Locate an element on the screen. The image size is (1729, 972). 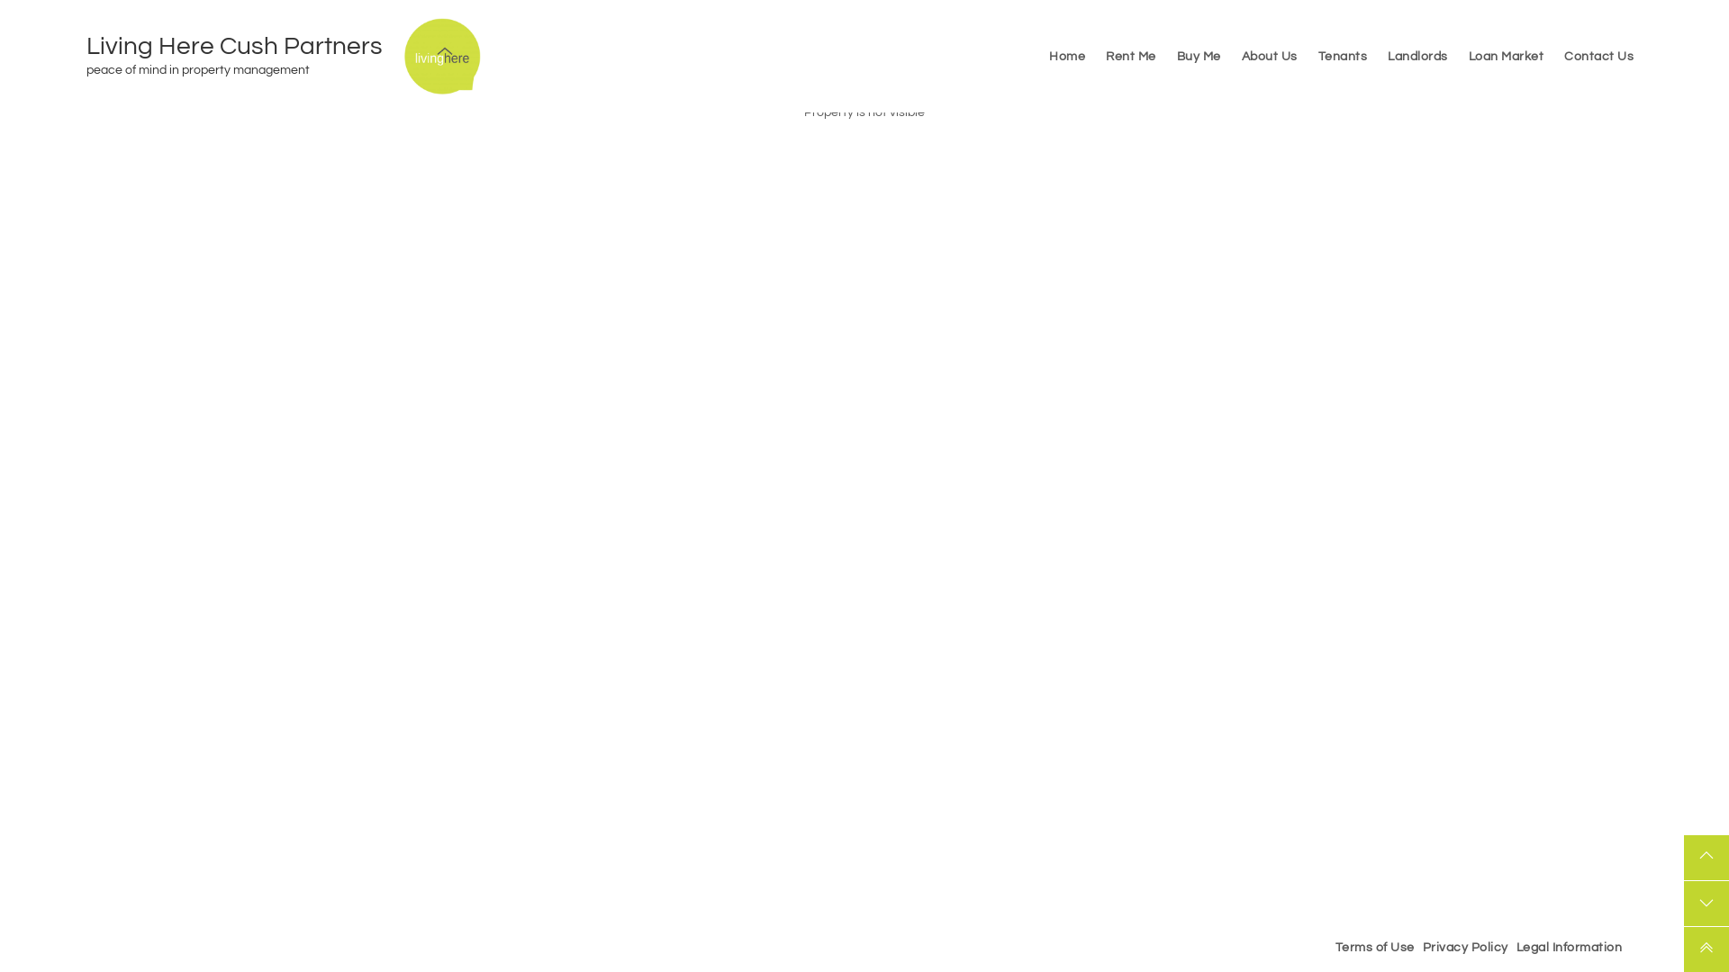
'Privacy Policy' is located at coordinates (1464, 947).